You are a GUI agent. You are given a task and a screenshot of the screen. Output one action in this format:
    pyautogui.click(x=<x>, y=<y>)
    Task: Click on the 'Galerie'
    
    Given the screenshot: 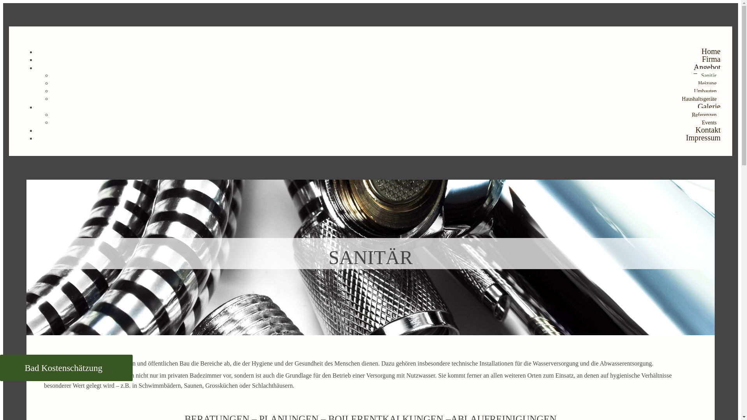 What is the action you would take?
    pyautogui.click(x=709, y=107)
    